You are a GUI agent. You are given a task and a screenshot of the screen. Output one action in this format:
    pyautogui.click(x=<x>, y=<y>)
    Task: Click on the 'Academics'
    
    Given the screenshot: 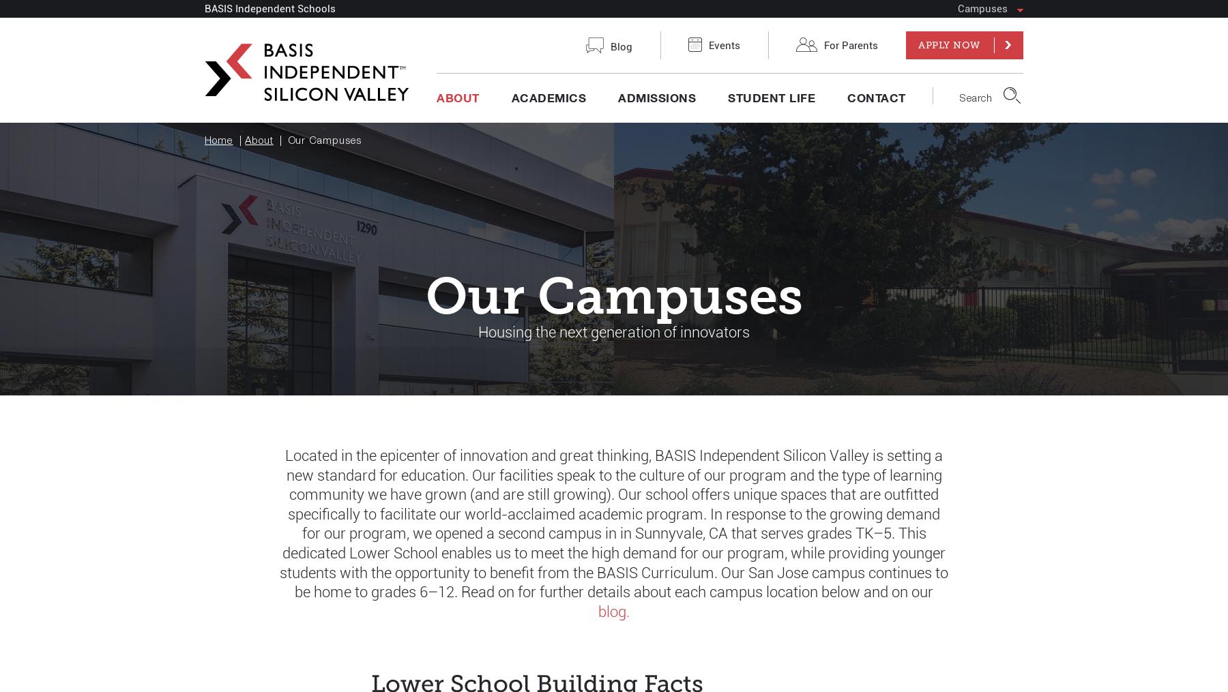 What is the action you would take?
    pyautogui.click(x=549, y=103)
    